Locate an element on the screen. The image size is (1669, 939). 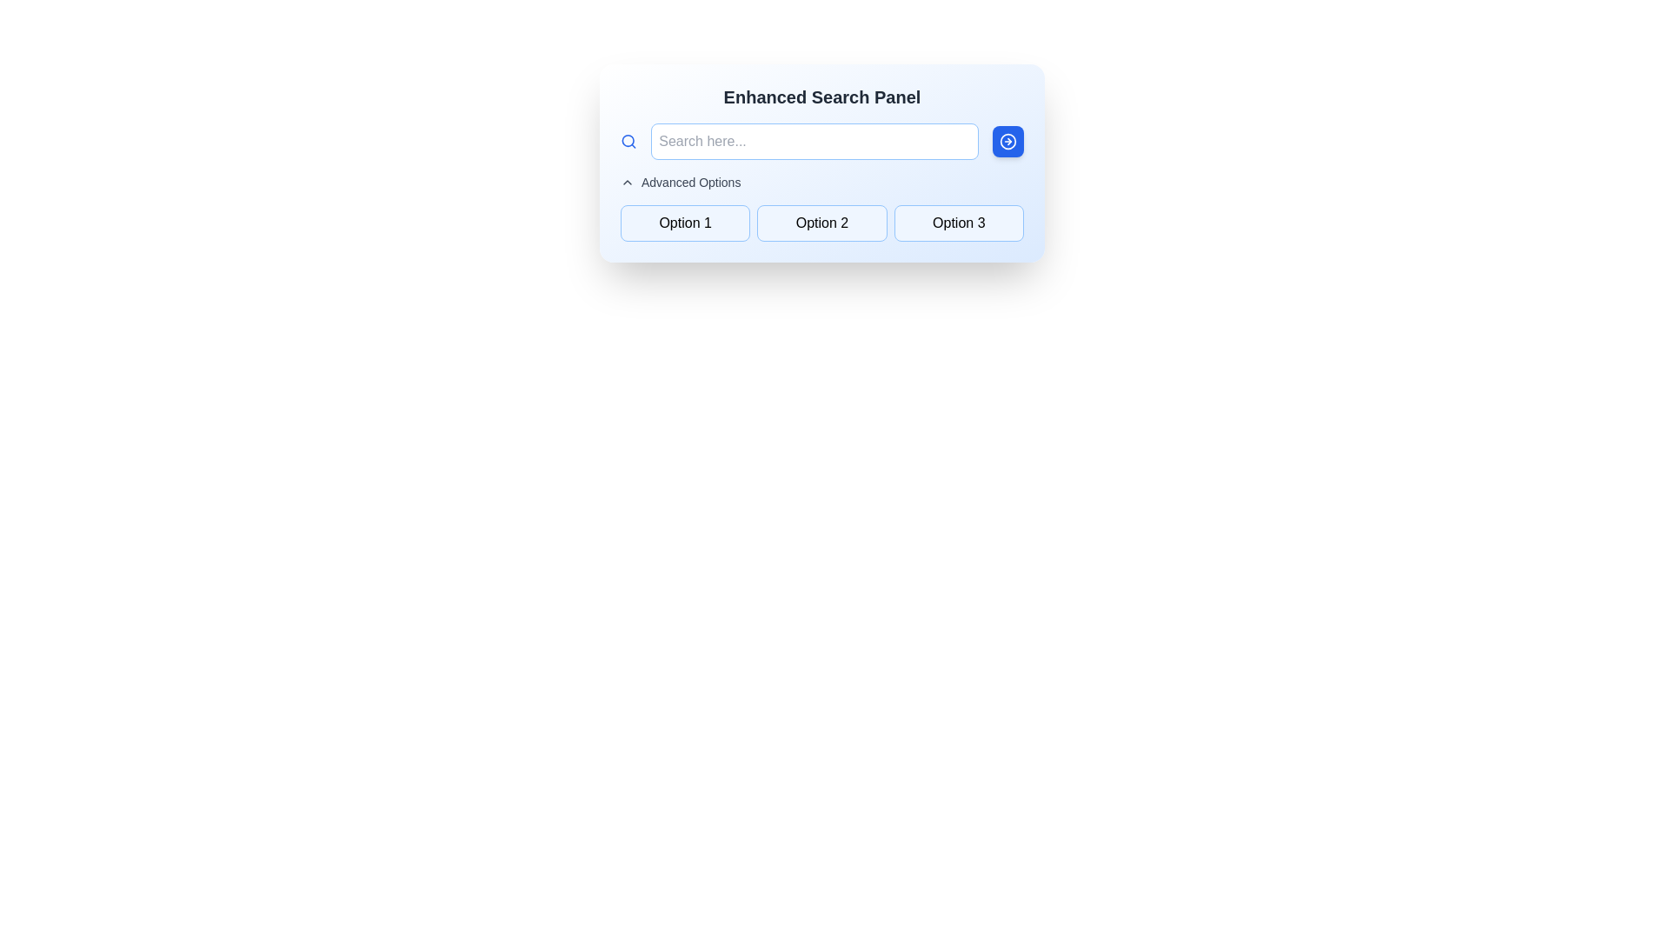
the segmented button group located centrally within the visible card interface, just below the 'Advanced Options' label, which consists of three segments with 'Option 2' being the center button is located at coordinates (821, 223).